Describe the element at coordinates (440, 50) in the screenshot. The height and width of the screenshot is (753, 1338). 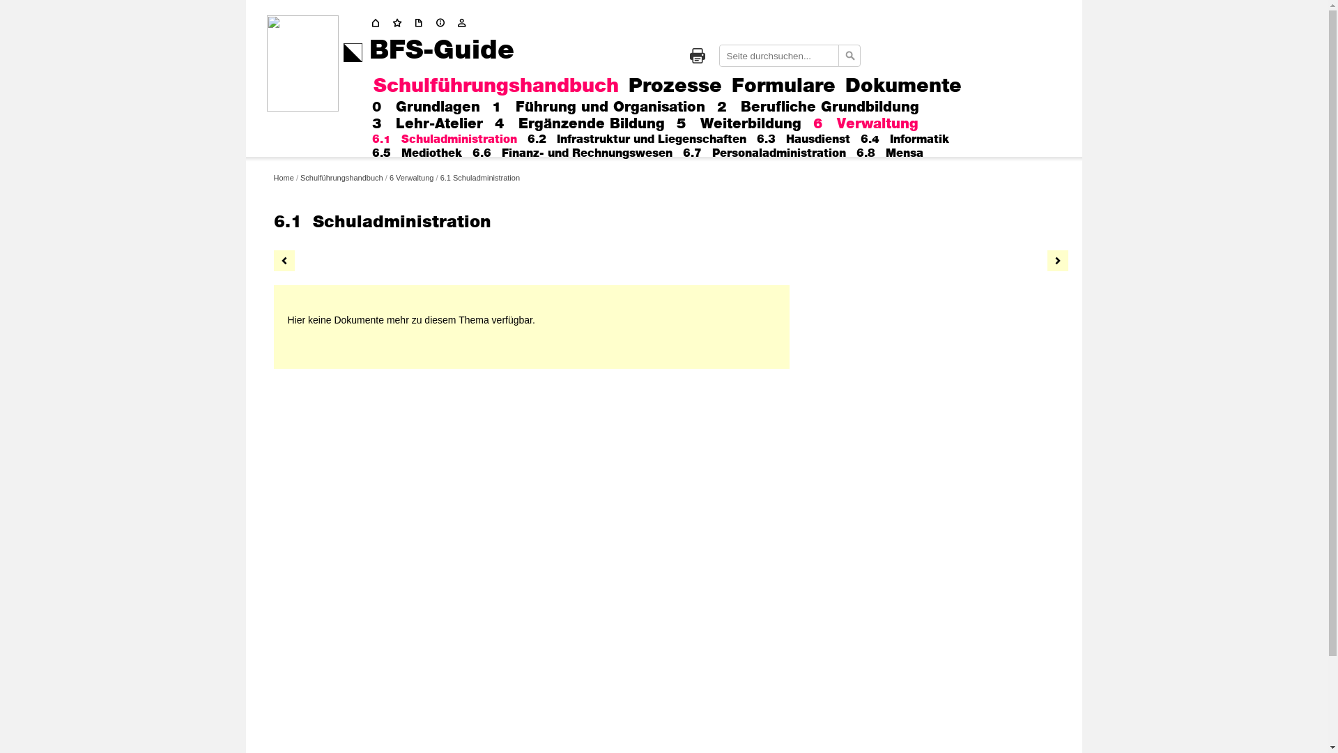
I see `'BFS-Guide'` at that location.